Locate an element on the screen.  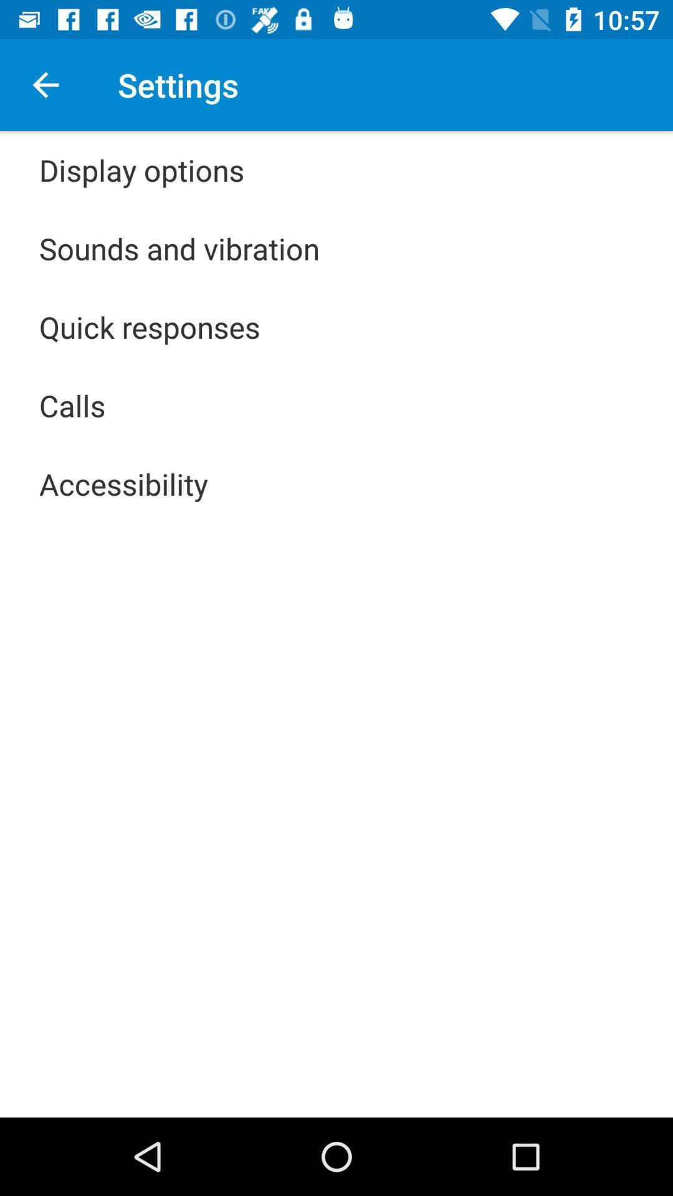
the sounds and vibration app is located at coordinates (179, 248).